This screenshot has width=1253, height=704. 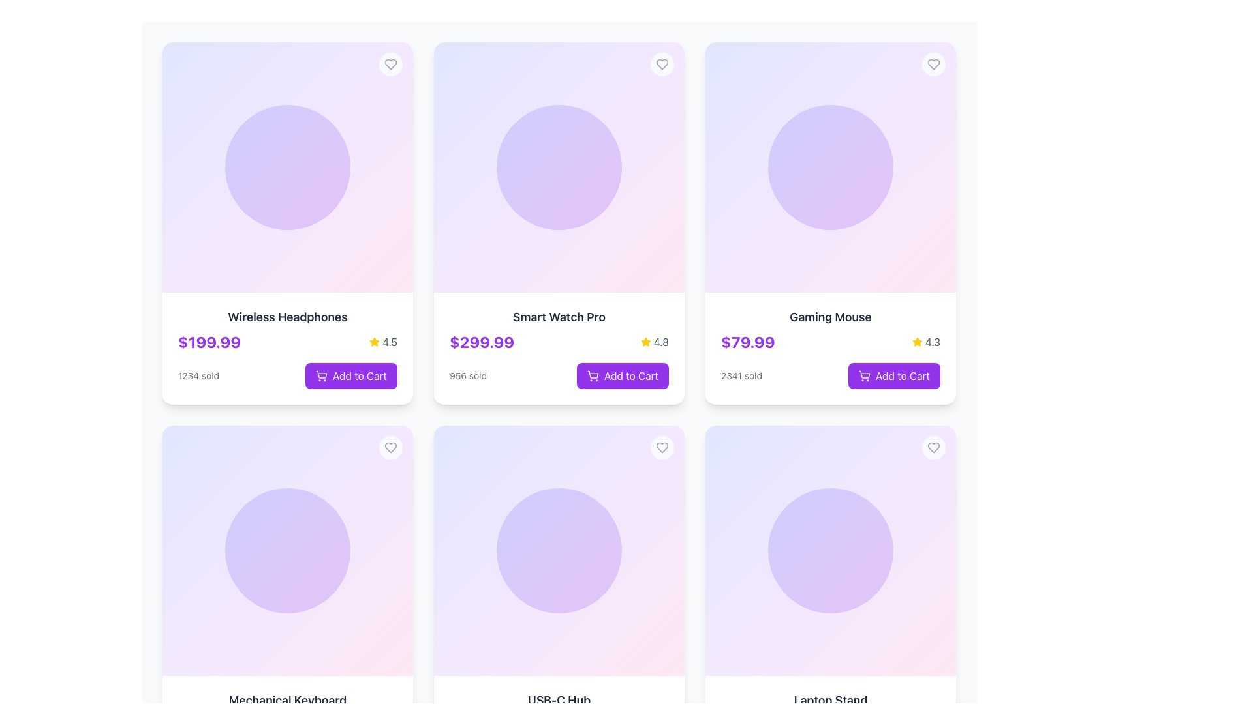 What do you see at coordinates (592, 376) in the screenshot?
I see `the shopping cart icon on the 'Add to Cart' button for the 'Smart Watch Pro' product to initiate the action of adding the item to the cart` at bounding box center [592, 376].